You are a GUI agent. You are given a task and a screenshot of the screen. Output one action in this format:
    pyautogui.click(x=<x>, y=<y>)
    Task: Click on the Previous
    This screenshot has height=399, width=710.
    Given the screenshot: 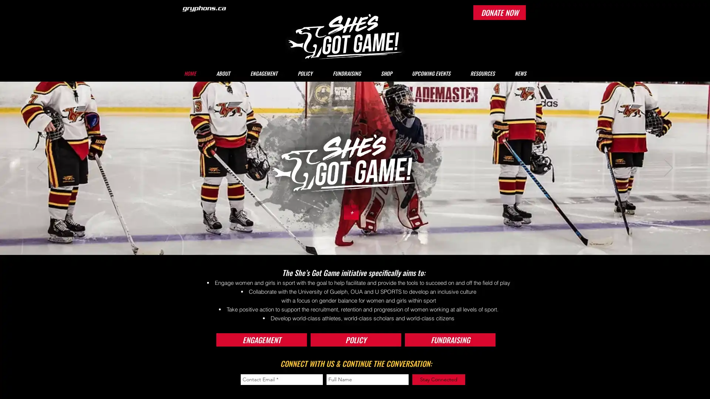 What is the action you would take?
    pyautogui.click(x=41, y=168)
    